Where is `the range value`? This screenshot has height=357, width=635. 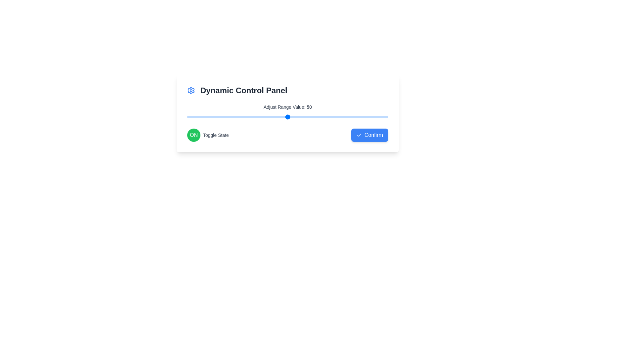
the range value is located at coordinates (221, 117).